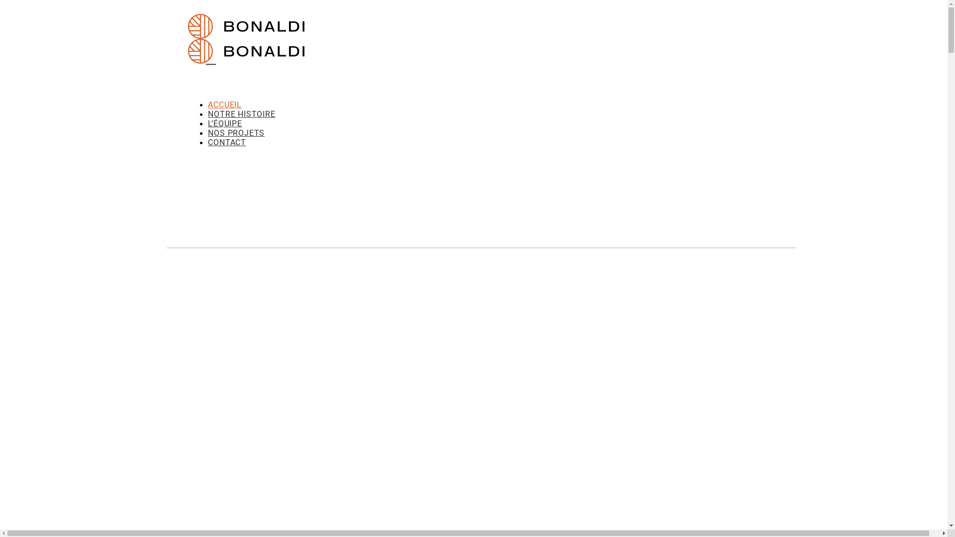  What do you see at coordinates (241, 113) in the screenshot?
I see `'NOTRE HISTOIRE'` at bounding box center [241, 113].